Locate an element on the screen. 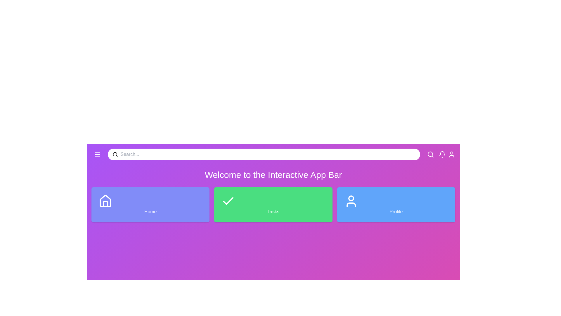 The height and width of the screenshot is (316, 561). the bell icon to access notification options is located at coordinates (442, 154).